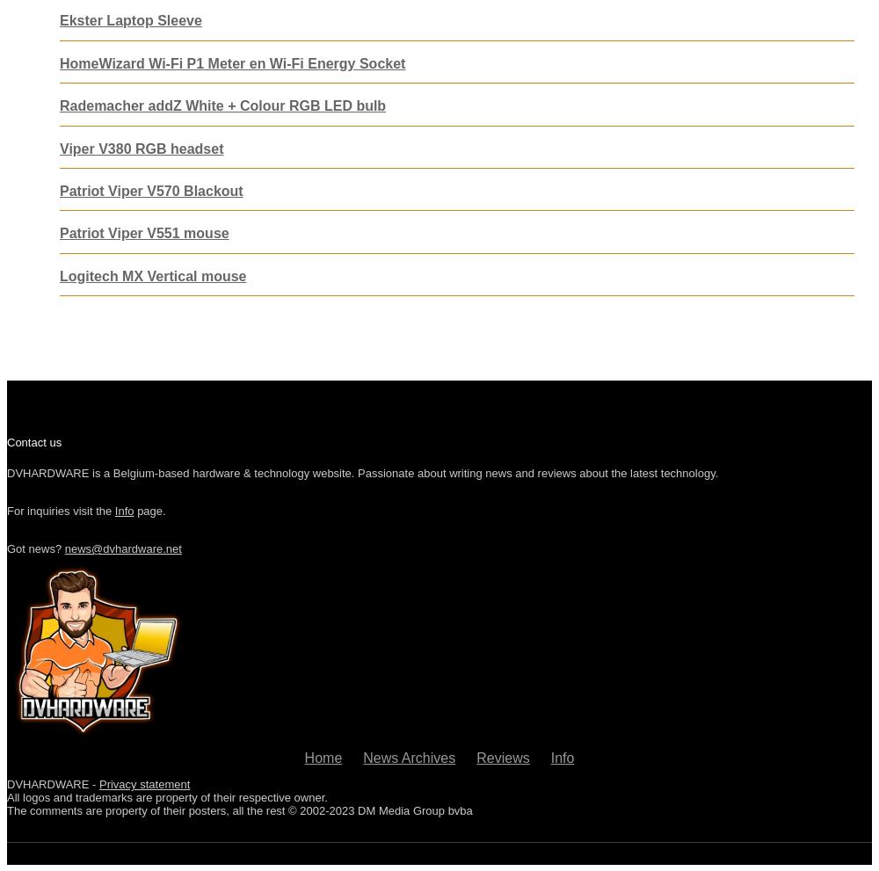  What do you see at coordinates (7, 510) in the screenshot?
I see `'For inquiries visit the'` at bounding box center [7, 510].